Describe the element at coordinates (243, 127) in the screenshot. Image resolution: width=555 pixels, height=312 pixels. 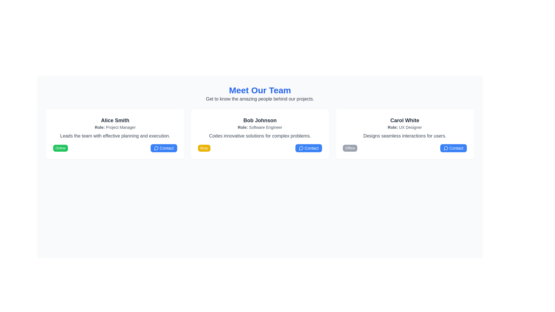
I see `text label that describes the role of an individual in the team profile, specifically the label located at the beginning of the text 'Role: Software Engineer' in the second profile card of the 'Meet Our Team' section` at that location.